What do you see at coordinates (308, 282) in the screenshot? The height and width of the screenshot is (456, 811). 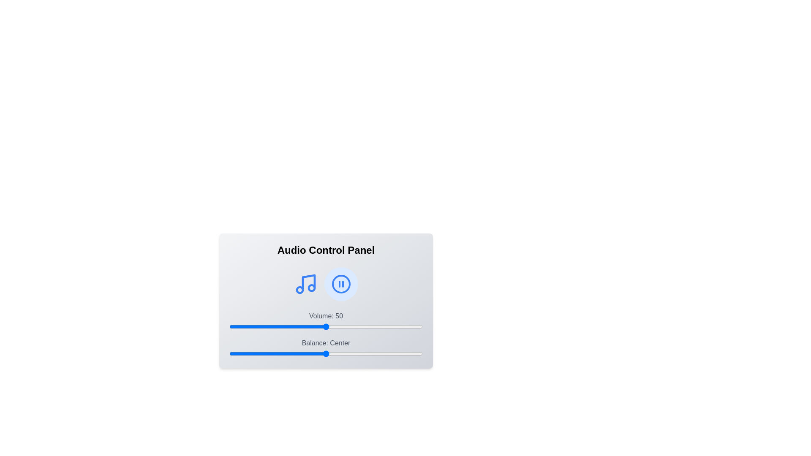 I see `the musical note icon in the Audio Control Panel, which is a blue line icon representing music, located near the top-center of the interface` at bounding box center [308, 282].